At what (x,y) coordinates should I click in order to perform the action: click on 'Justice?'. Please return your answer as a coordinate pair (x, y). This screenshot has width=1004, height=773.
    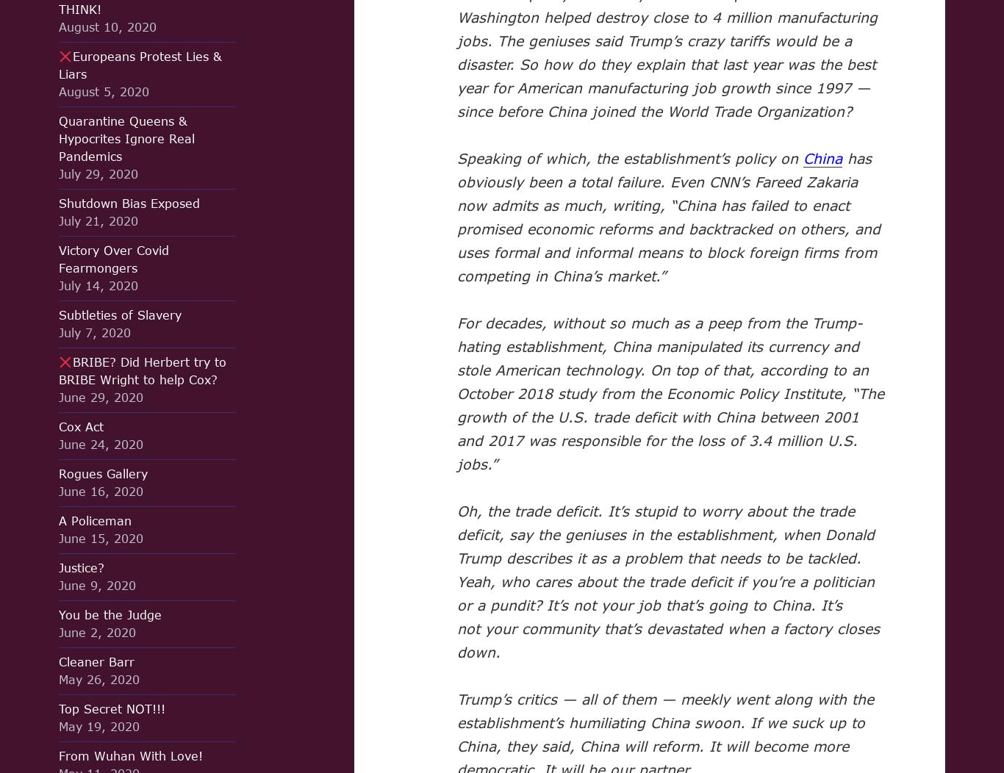
    Looking at the image, I should click on (82, 567).